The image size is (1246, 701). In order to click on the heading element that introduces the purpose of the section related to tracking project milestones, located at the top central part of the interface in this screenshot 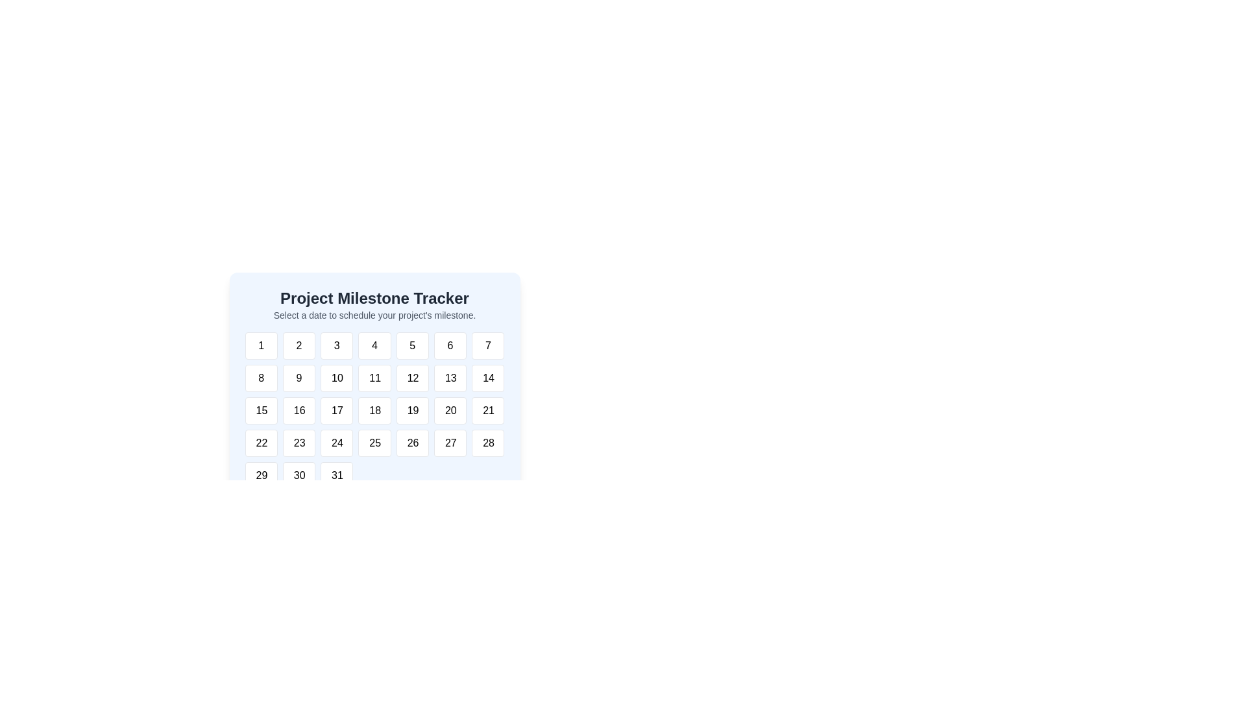, I will do `click(374, 298)`.